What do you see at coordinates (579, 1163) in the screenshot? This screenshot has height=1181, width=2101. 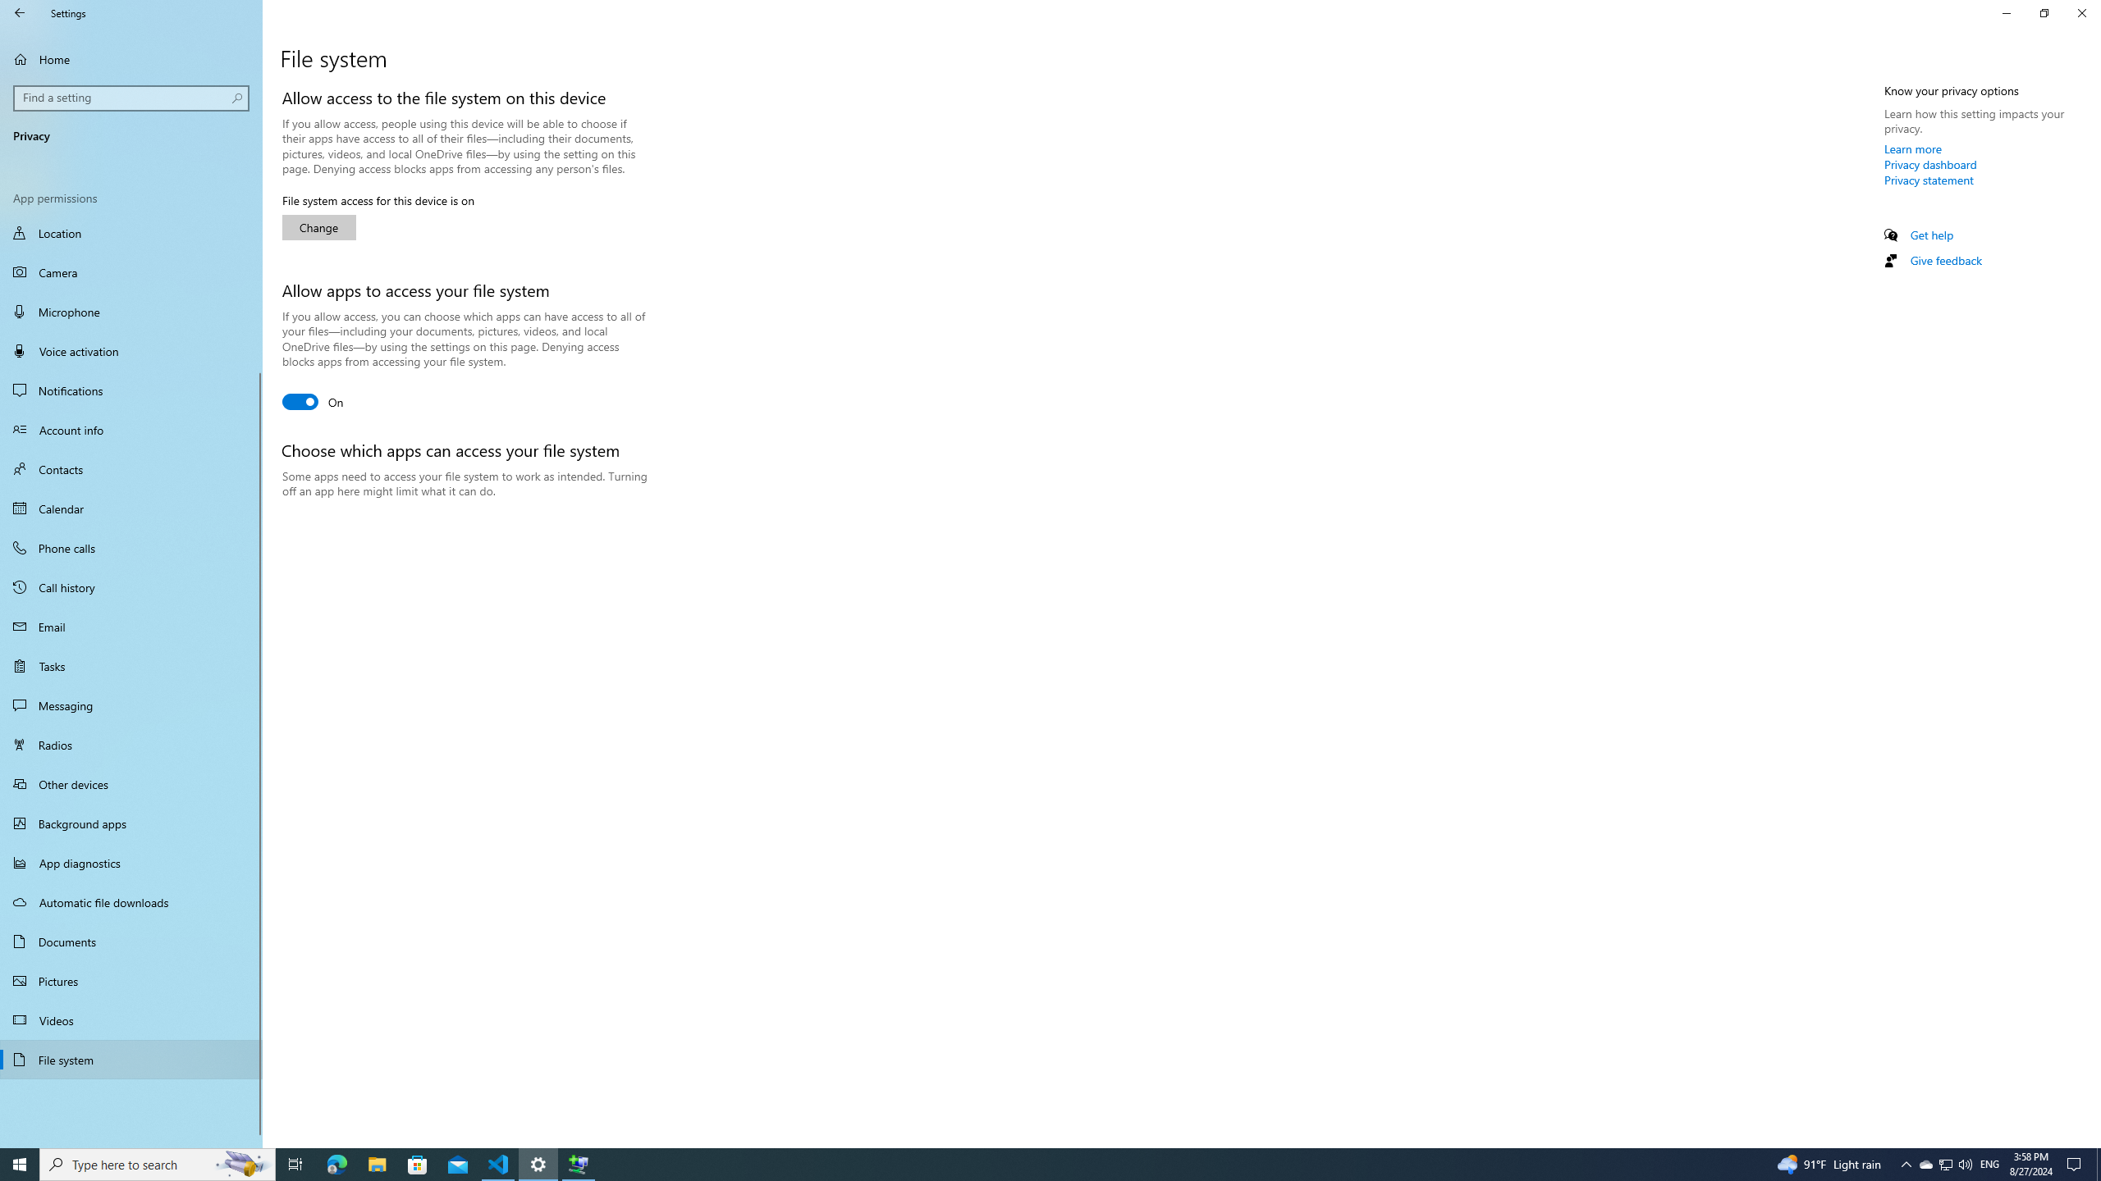 I see `'Extensible Wizards Host Process - 1 running window'` at bounding box center [579, 1163].